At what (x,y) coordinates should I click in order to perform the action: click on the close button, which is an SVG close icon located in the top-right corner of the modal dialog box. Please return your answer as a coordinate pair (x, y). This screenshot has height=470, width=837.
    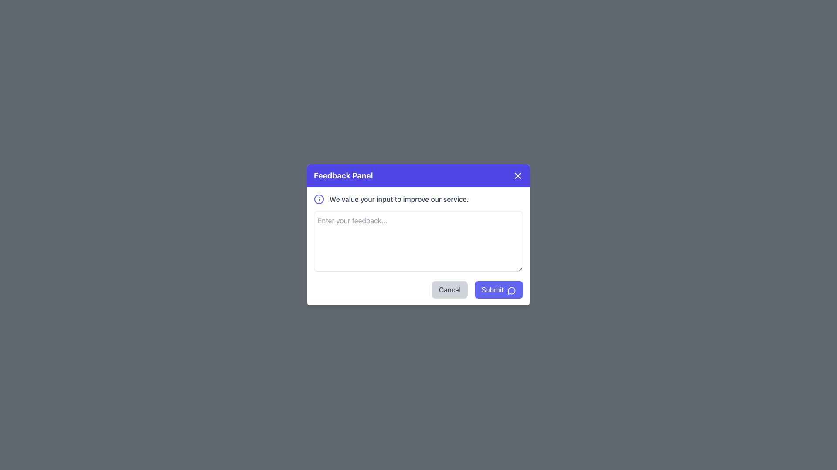
    Looking at the image, I should click on (518, 176).